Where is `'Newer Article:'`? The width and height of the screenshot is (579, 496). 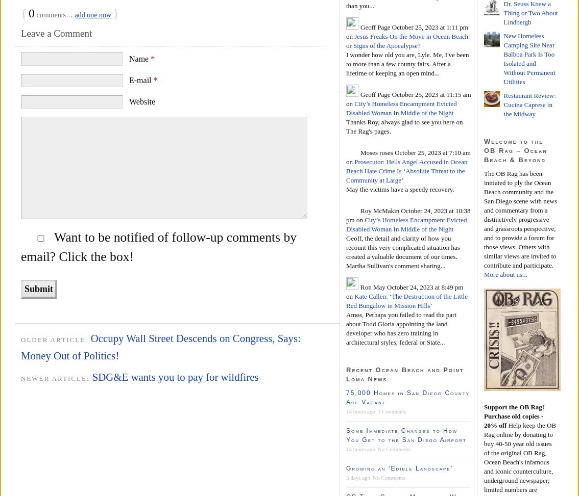 'Newer Article:' is located at coordinates (56, 378).